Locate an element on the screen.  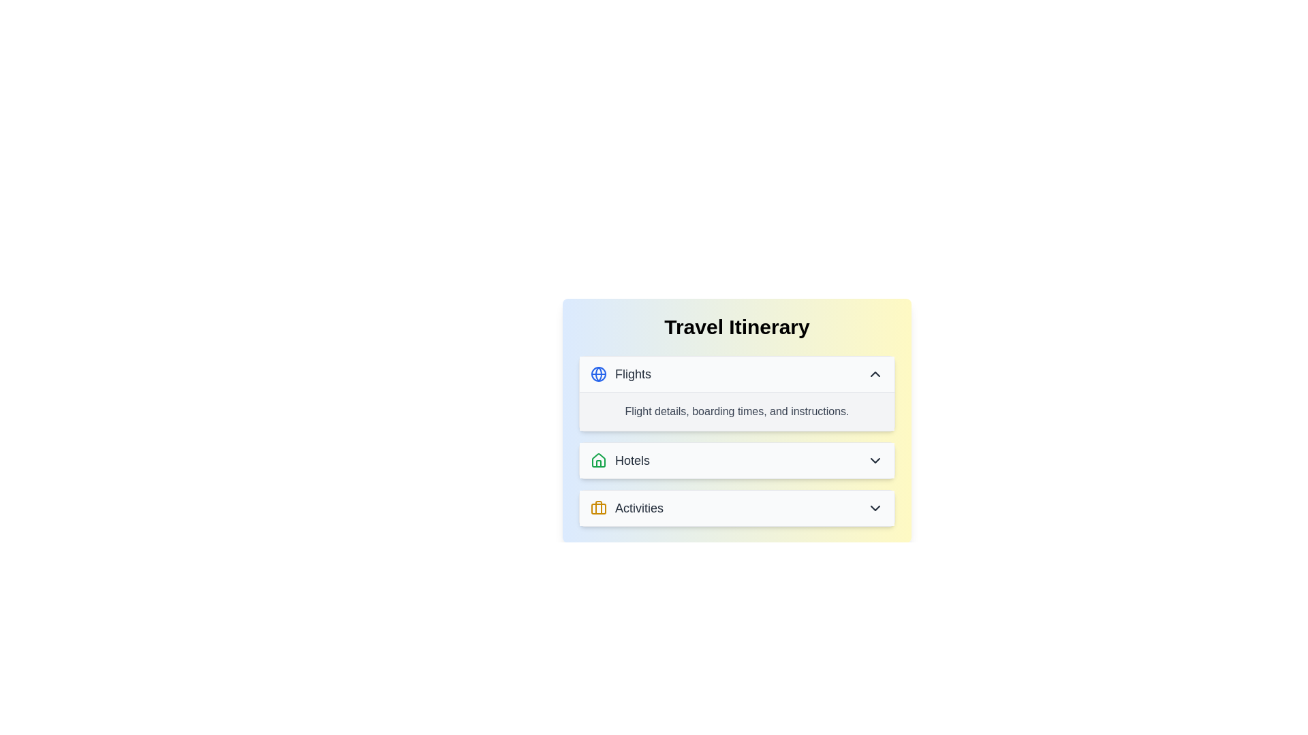
the yellow rectangular decorative shape within the 'Activities' icon in the 'Travel Itinerary' interface is located at coordinates (598, 509).